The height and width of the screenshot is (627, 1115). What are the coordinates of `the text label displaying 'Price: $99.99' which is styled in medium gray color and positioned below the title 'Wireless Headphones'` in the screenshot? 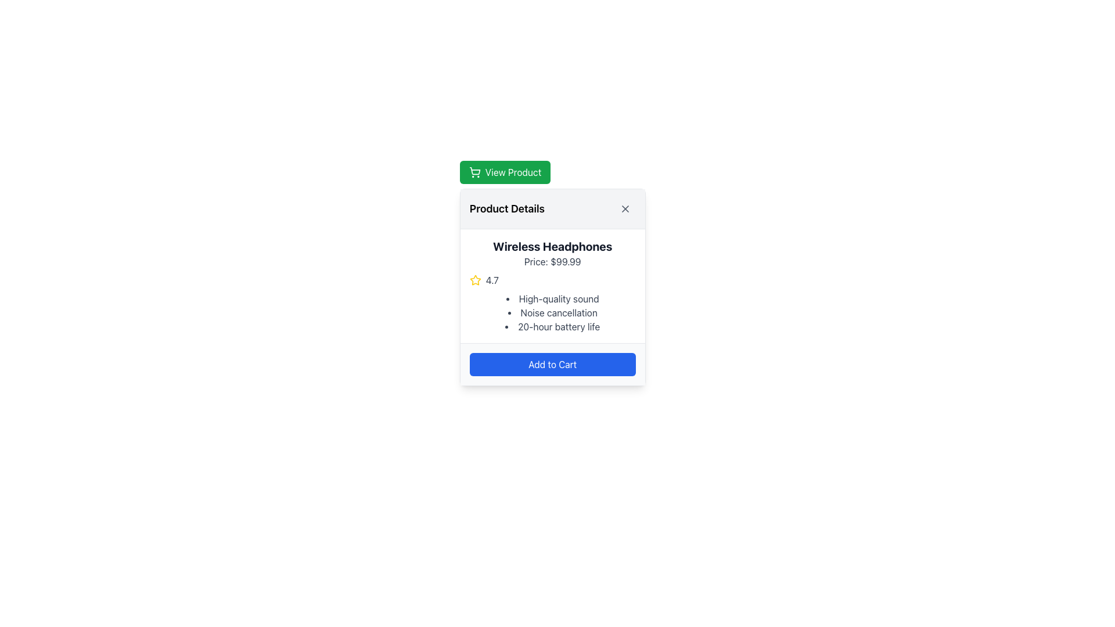 It's located at (552, 262).